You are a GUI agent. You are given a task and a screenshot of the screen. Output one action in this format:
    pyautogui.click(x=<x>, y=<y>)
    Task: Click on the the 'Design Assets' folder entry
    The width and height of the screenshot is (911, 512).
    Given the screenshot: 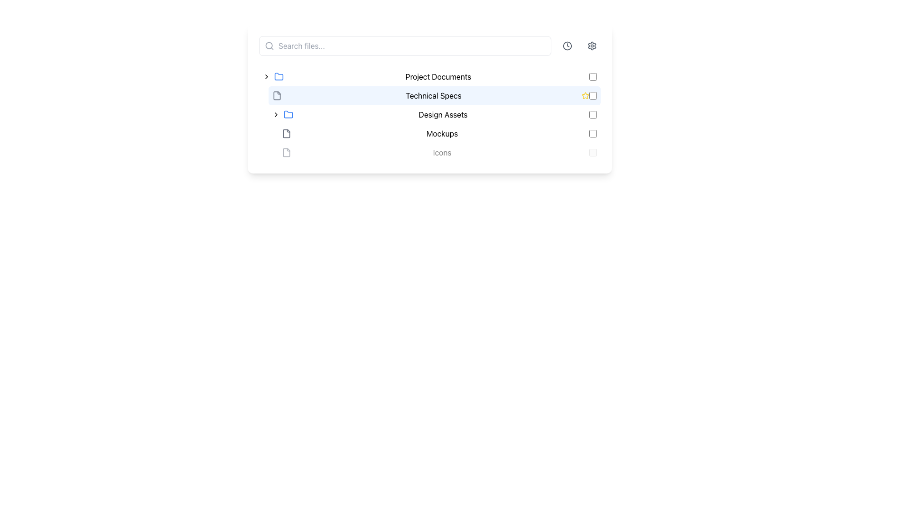 What is the action you would take?
    pyautogui.click(x=434, y=114)
    